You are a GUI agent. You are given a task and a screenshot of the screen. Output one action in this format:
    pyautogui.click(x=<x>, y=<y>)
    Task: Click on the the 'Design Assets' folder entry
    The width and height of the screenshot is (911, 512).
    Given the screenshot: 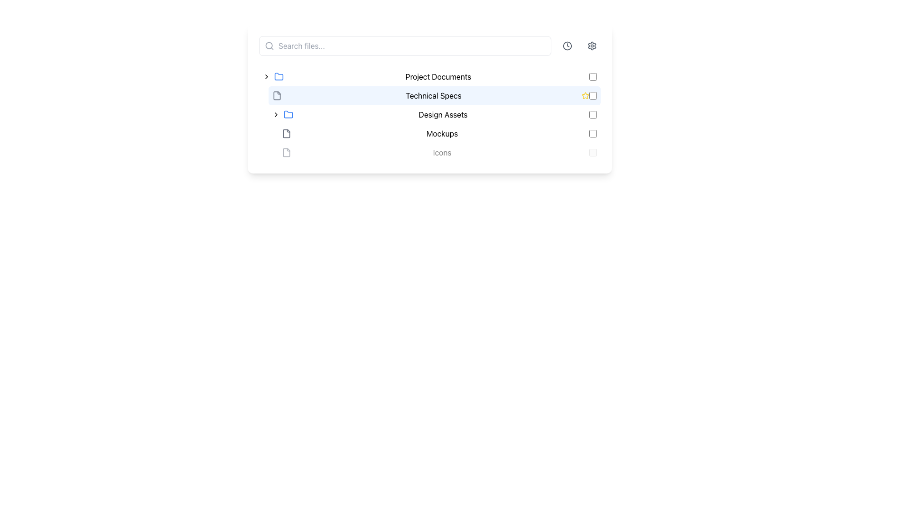 What is the action you would take?
    pyautogui.click(x=434, y=114)
    